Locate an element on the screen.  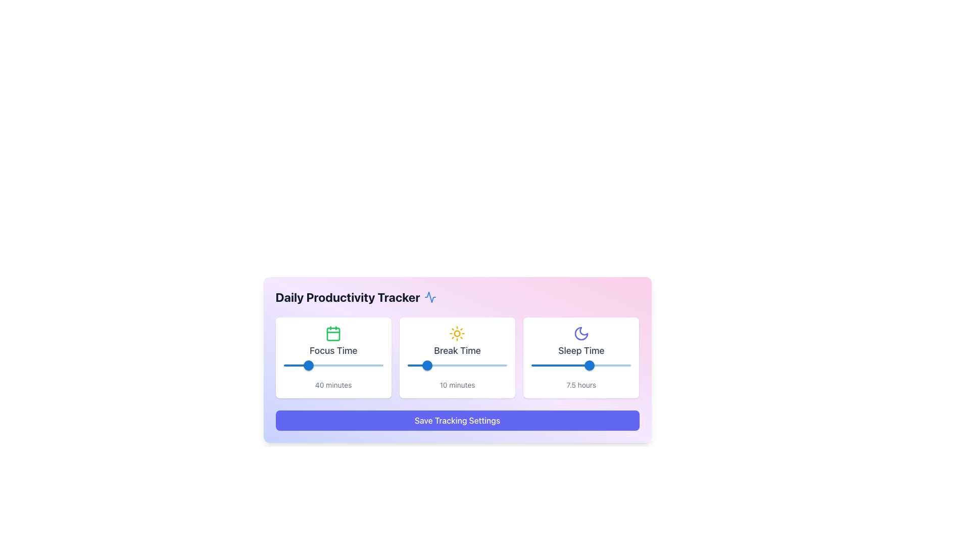
the 'Focus Time' slider is located at coordinates (274, 364).